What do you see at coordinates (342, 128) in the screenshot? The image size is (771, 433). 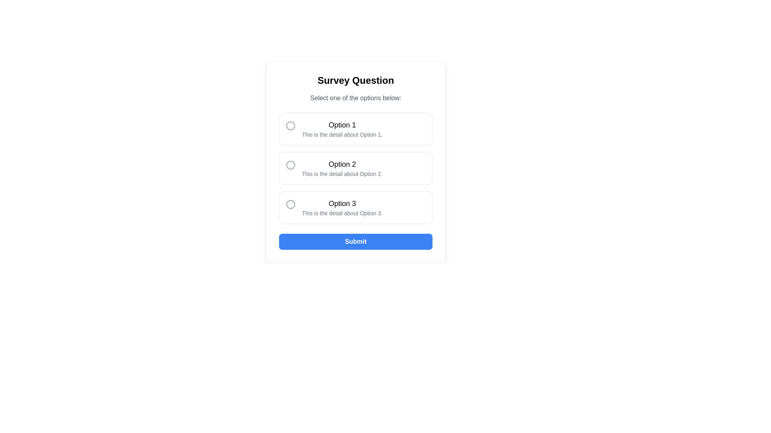 I see `the text block that serves as the label for the first selectable option in a survey or quiz interface` at bounding box center [342, 128].